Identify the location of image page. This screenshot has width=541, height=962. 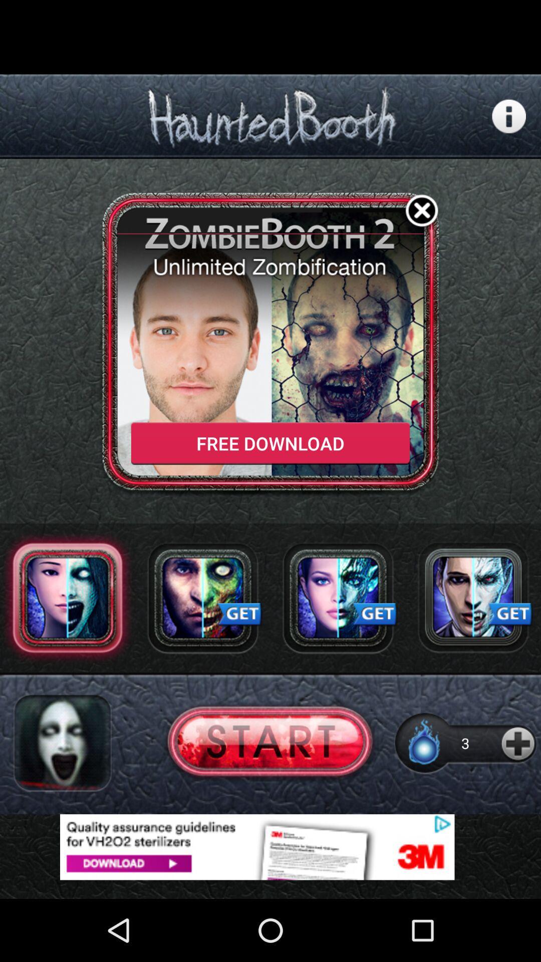
(203, 598).